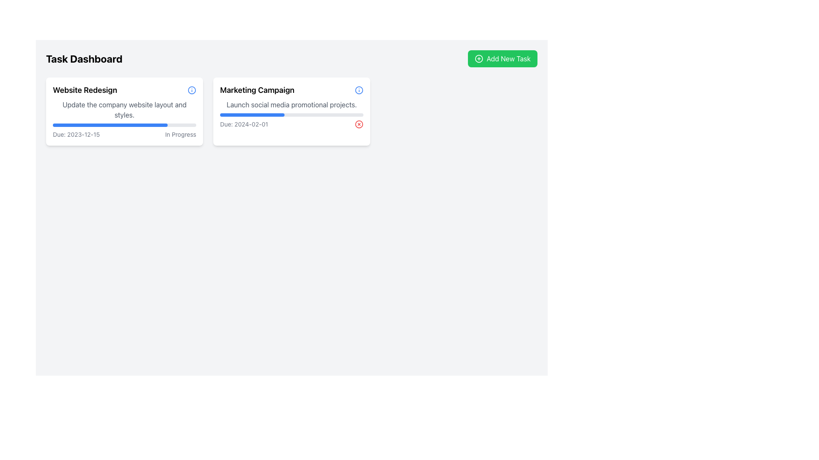 This screenshot has width=819, height=460. What do you see at coordinates (252, 115) in the screenshot?
I see `the blue progress indicator of the 'Marketing Campaign' card, which visually shows 45% progress within the light-gray progress bar background` at bounding box center [252, 115].